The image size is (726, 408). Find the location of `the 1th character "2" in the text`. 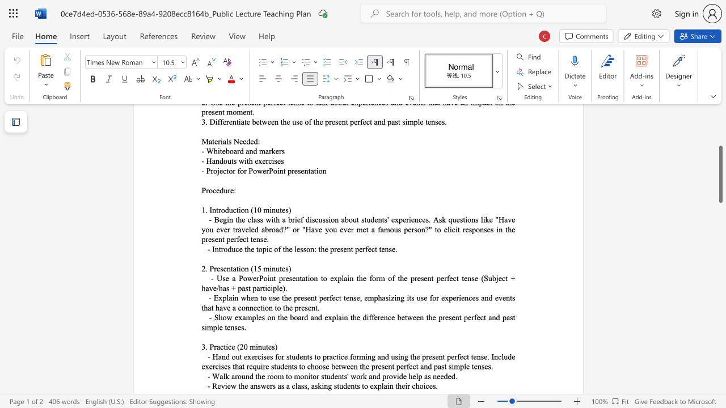

the 1th character "2" in the text is located at coordinates (241, 346).